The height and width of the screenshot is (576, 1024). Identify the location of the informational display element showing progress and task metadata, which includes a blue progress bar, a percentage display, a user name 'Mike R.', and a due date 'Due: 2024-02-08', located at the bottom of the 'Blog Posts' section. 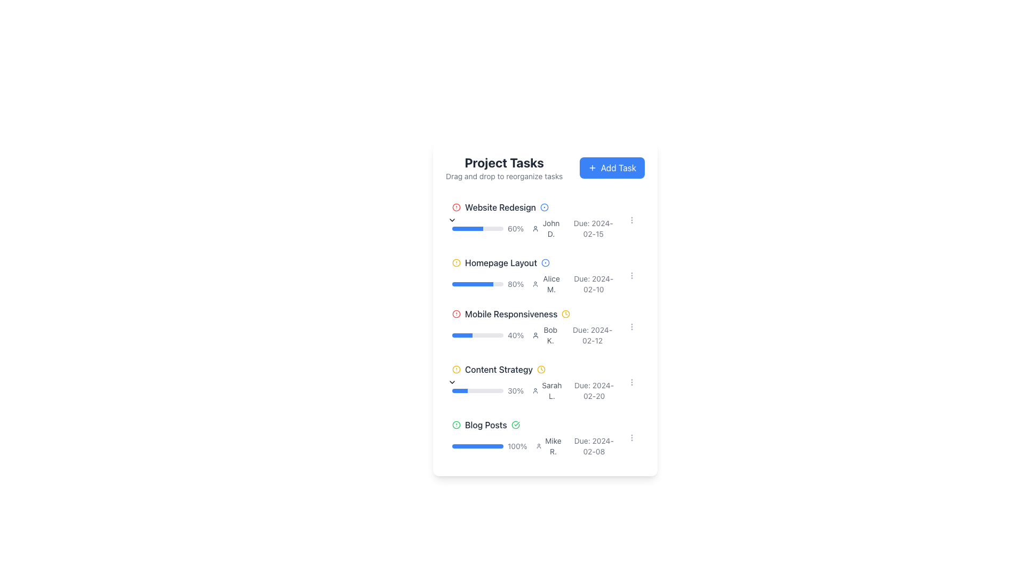
(534, 446).